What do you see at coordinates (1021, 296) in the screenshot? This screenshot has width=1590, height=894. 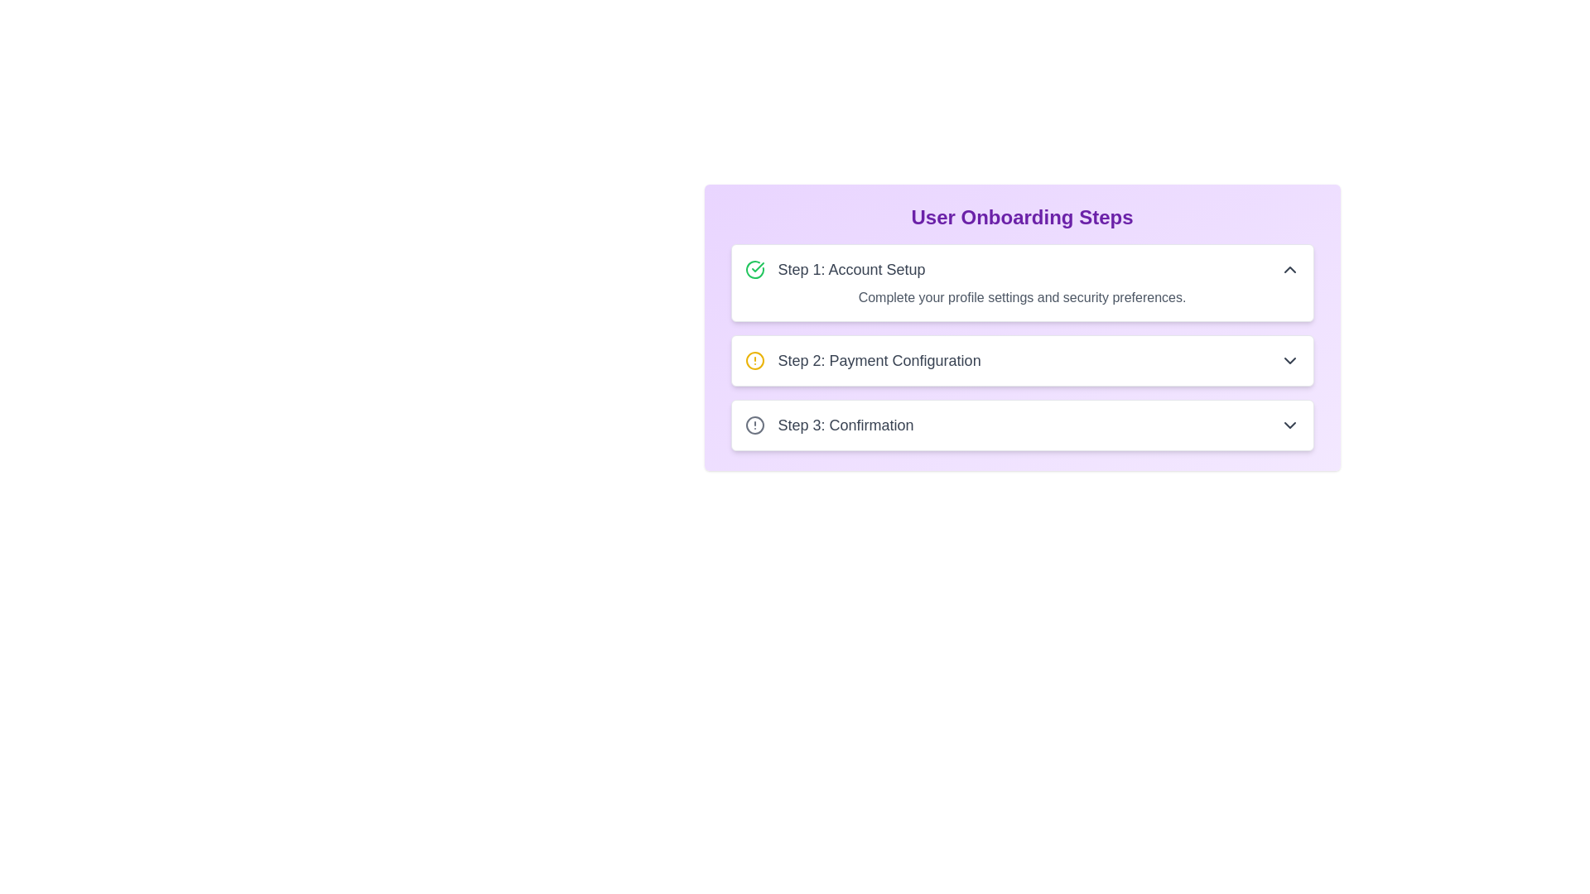 I see `the Text label that prompts users to complete their profile settings and security preferences, located beneath the 'Step 1: Account Setup' heading` at bounding box center [1021, 296].